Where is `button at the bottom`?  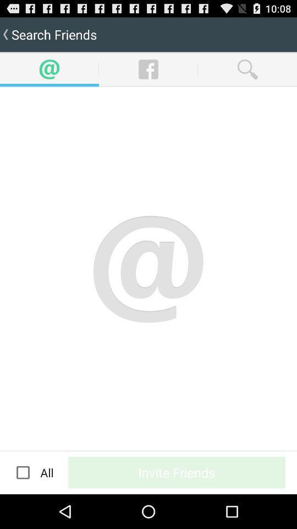 button at the bottom is located at coordinates (177, 472).